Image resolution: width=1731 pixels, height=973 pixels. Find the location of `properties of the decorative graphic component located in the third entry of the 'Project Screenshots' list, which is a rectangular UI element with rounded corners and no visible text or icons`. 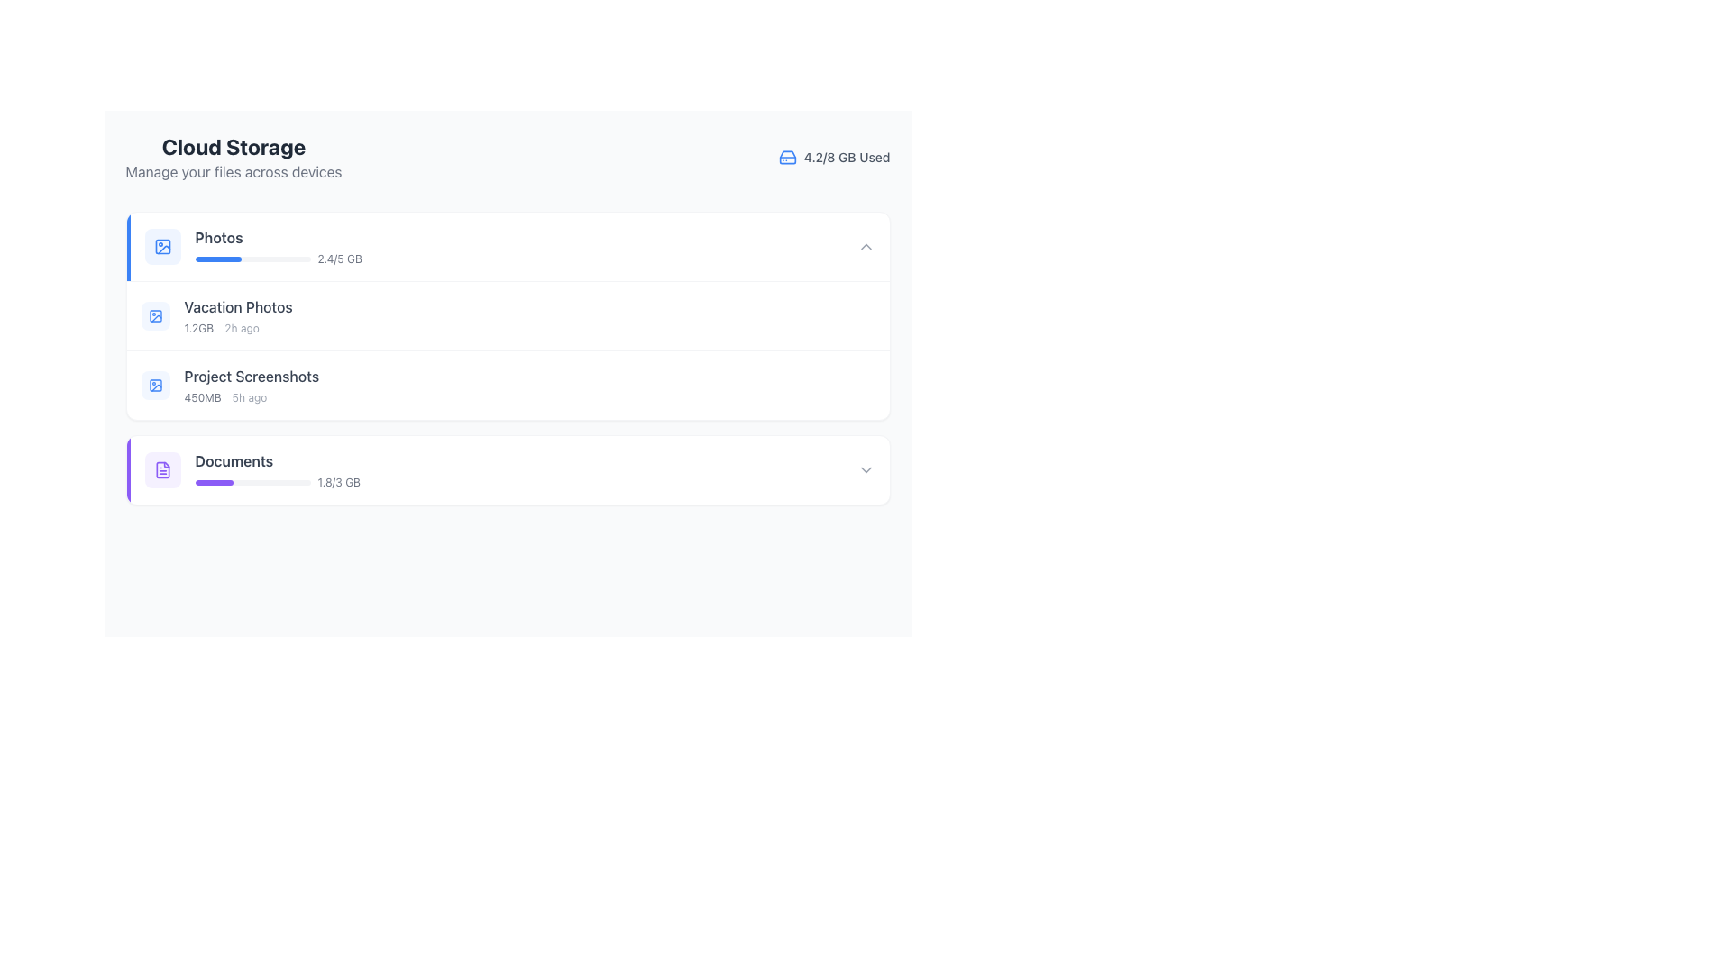

properties of the decorative graphic component located in the third entry of the 'Project Screenshots' list, which is a rectangular UI element with rounded corners and no visible text or icons is located at coordinates (155, 385).